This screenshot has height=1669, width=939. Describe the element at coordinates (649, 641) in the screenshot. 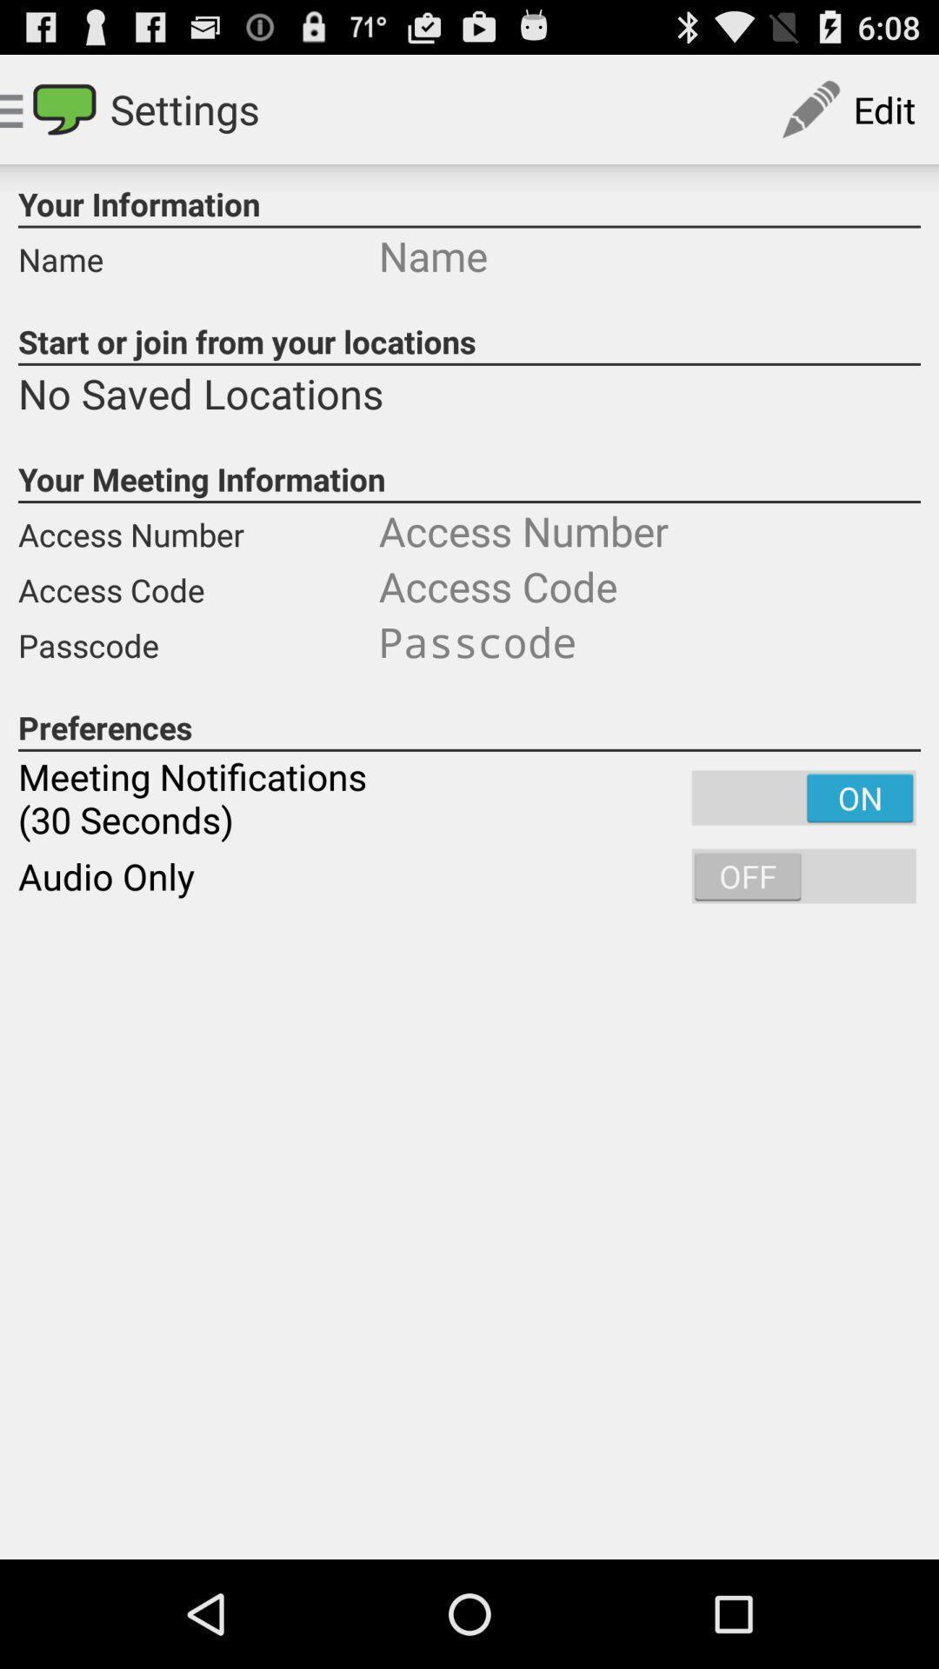

I see `item next to the access code item` at that location.